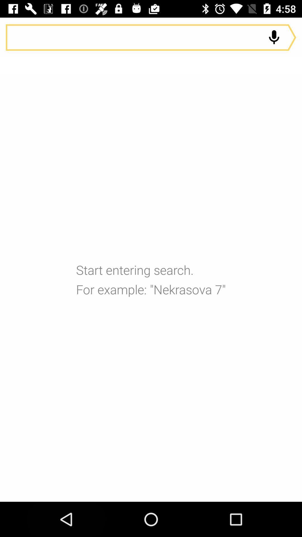  Describe the element at coordinates (274, 37) in the screenshot. I see `enable speak to type` at that location.